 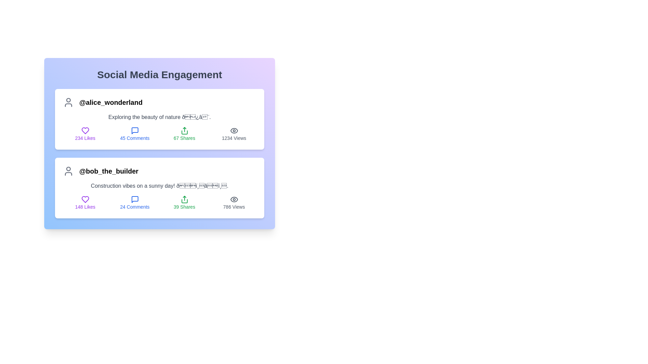 I want to click on the text label '234 Likes' located in the top-left corner of the grid layout above the elements labeled '45 Comments', '67 Shares', and '1234 Views' related to '@alice_wonderland' for additional like-related details, so click(x=85, y=134).